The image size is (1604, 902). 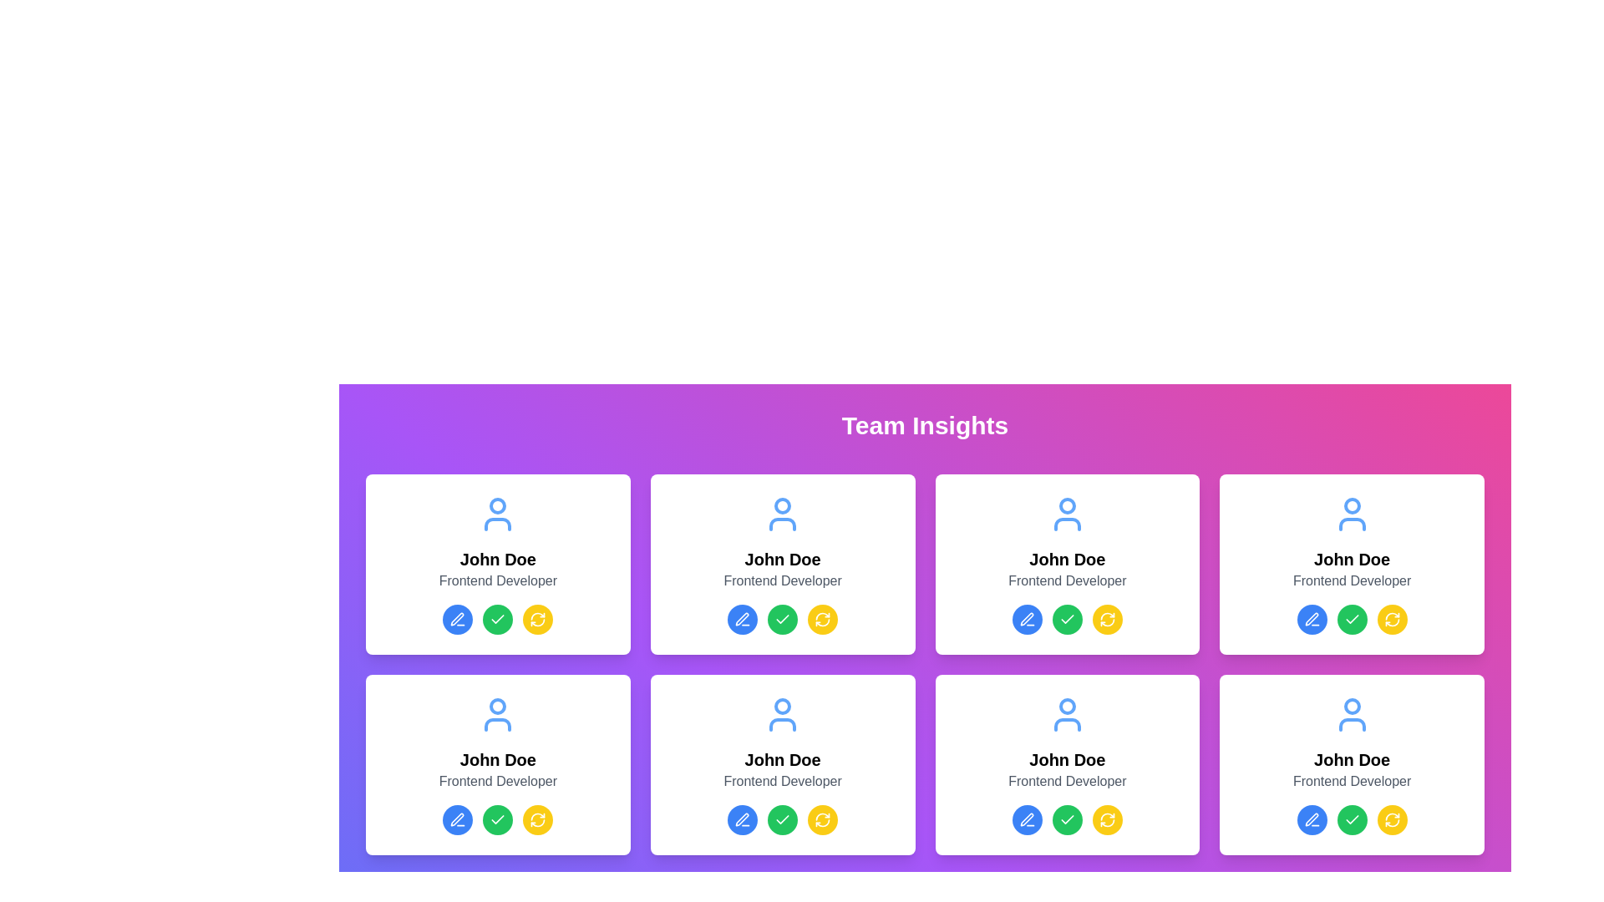 What do you see at coordinates (924, 424) in the screenshot?
I see `text from the 'Team Insights' Text Label, which is bold and white on a gradient background` at bounding box center [924, 424].